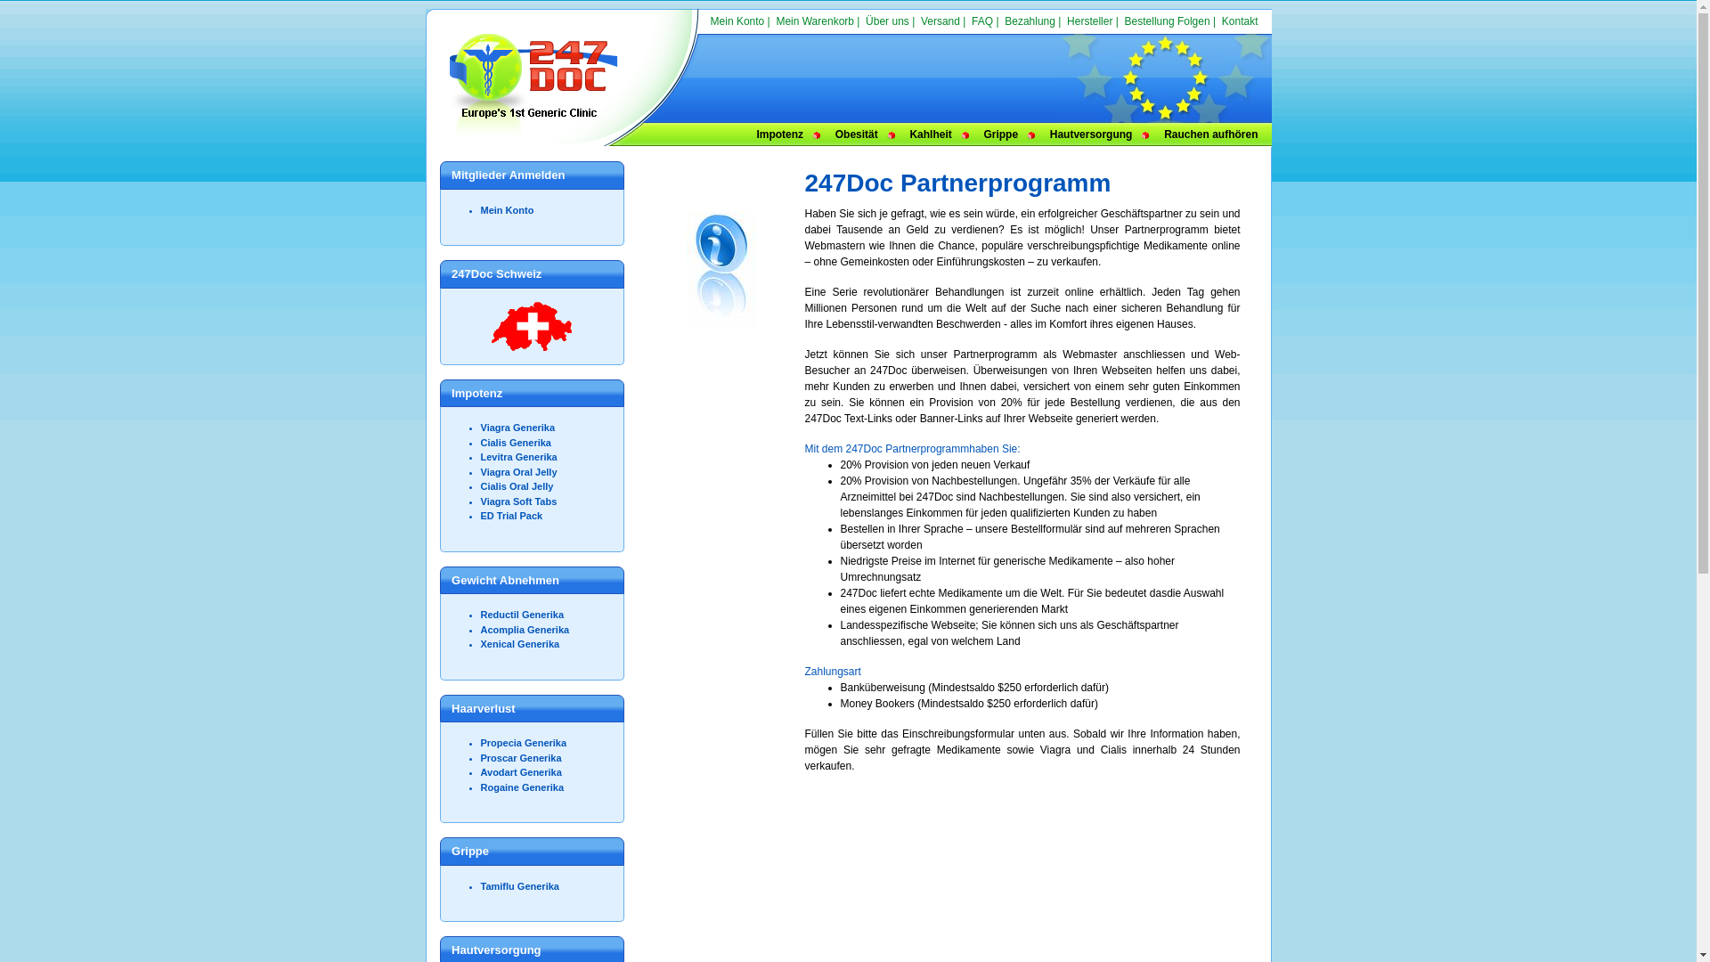 The width and height of the screenshot is (1710, 962). I want to click on 'Viagra Generika', so click(517, 427).